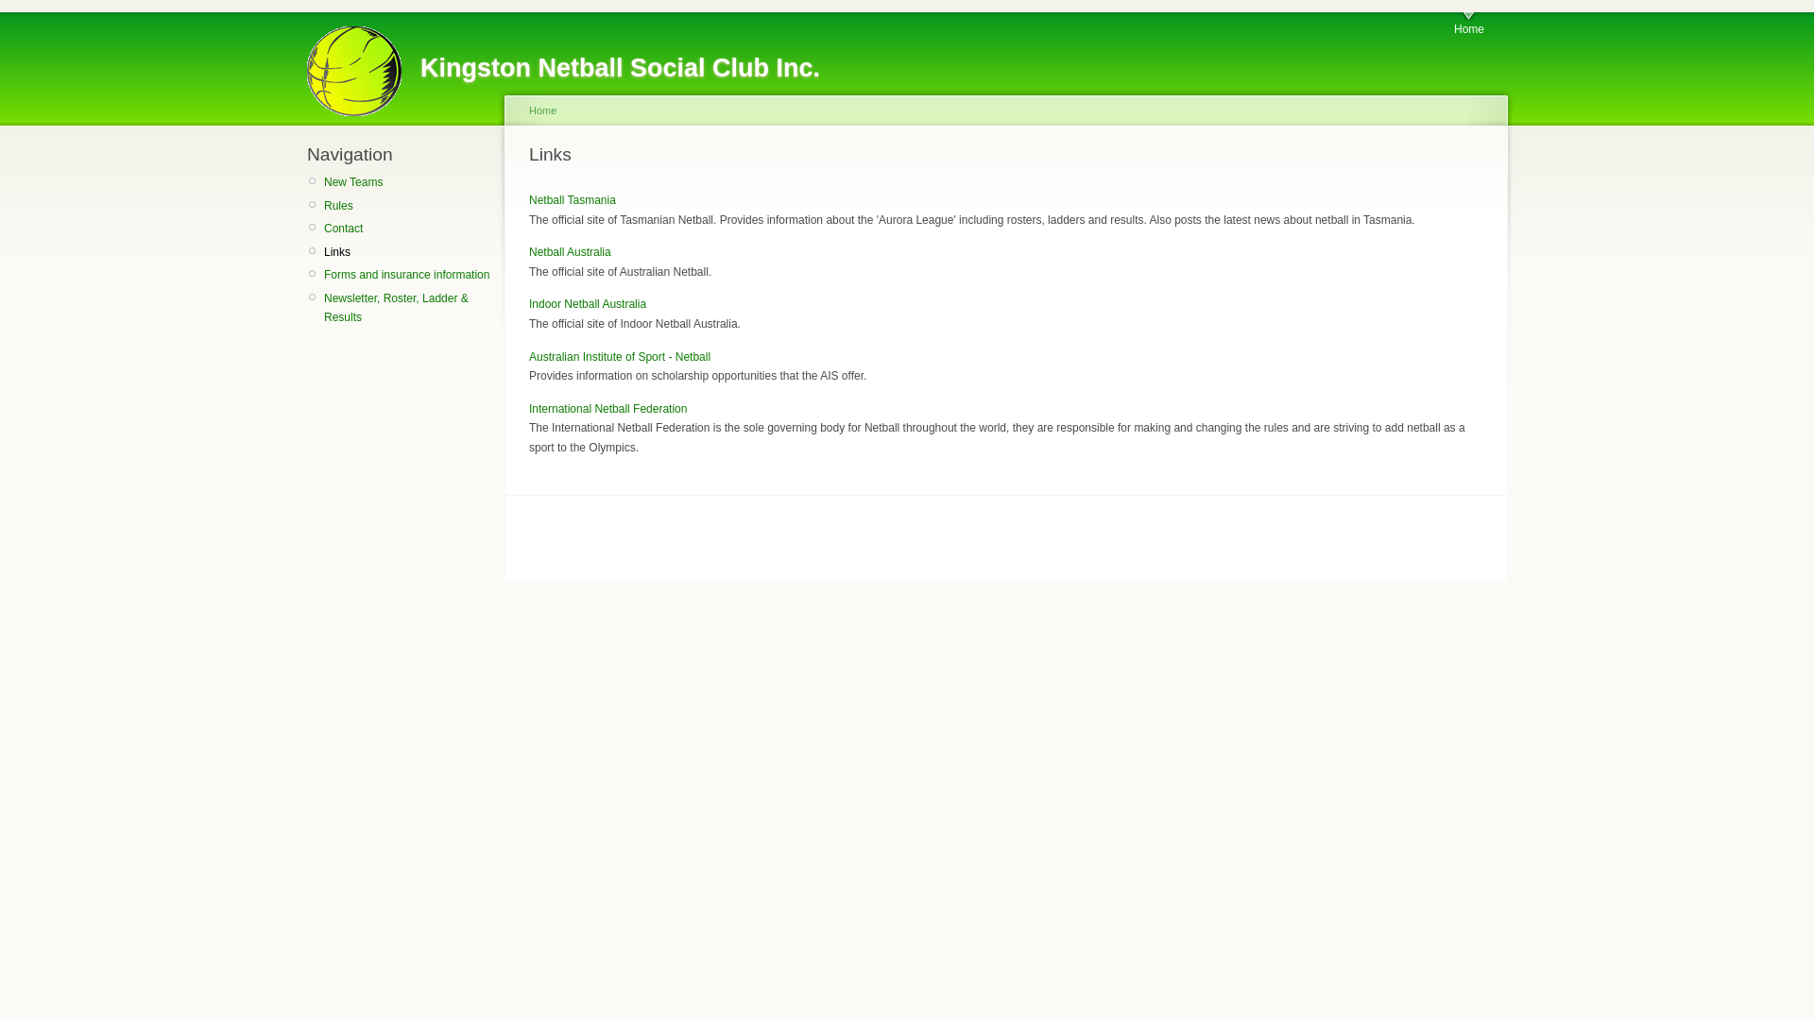  What do you see at coordinates (406, 274) in the screenshot?
I see `'Forms and insurance information'` at bounding box center [406, 274].